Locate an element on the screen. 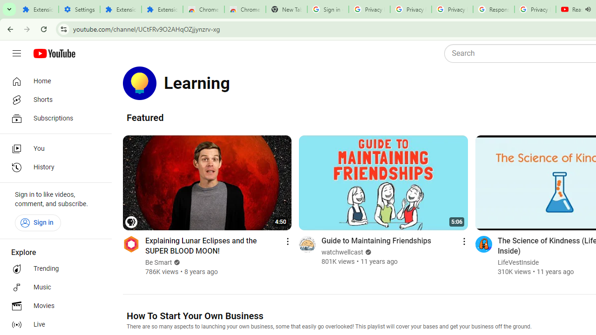 The image size is (596, 335). 'Trending' is located at coordinates (52, 269).